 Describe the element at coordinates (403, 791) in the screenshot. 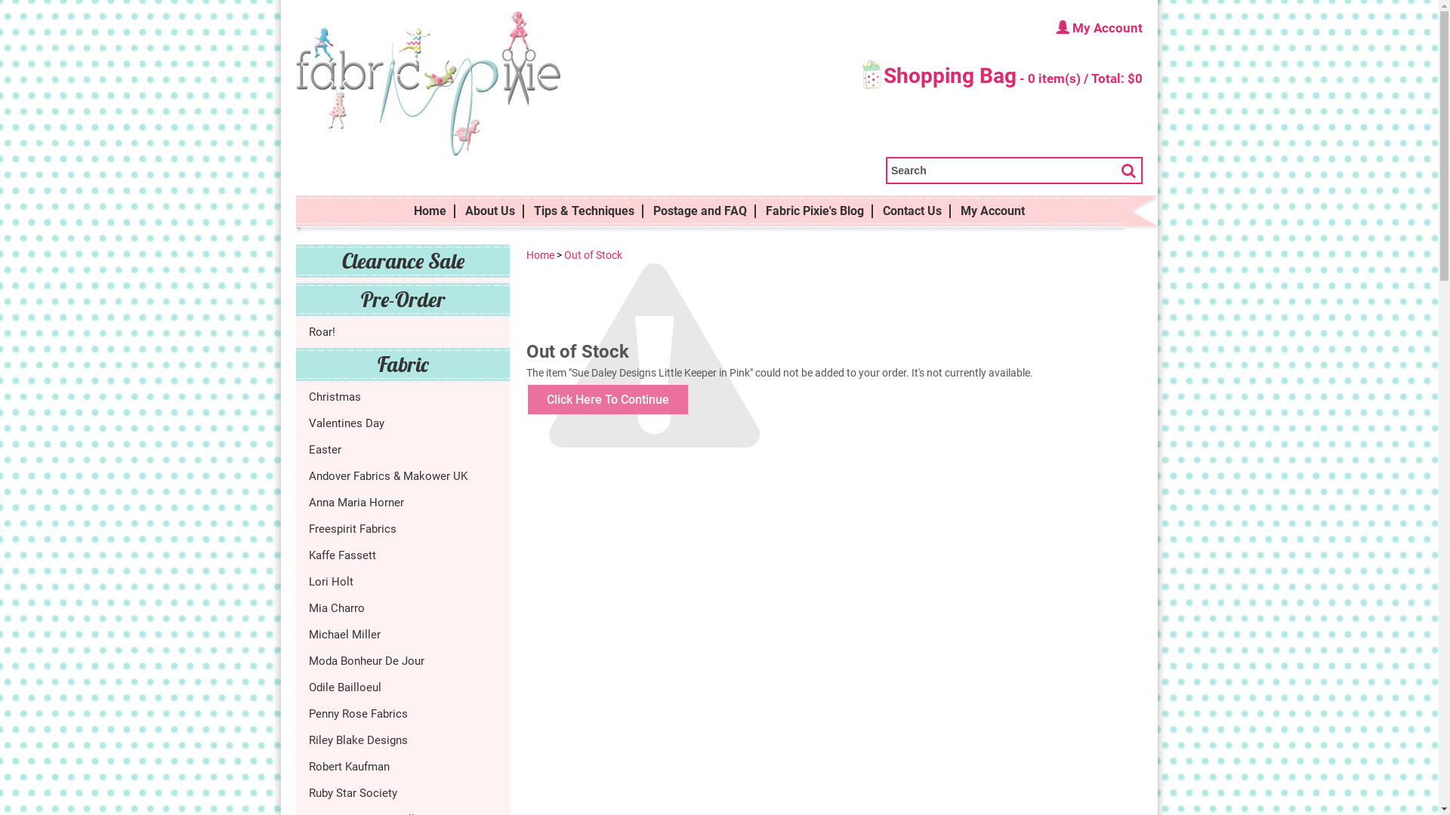

I see `'Ruby Star Society'` at that location.